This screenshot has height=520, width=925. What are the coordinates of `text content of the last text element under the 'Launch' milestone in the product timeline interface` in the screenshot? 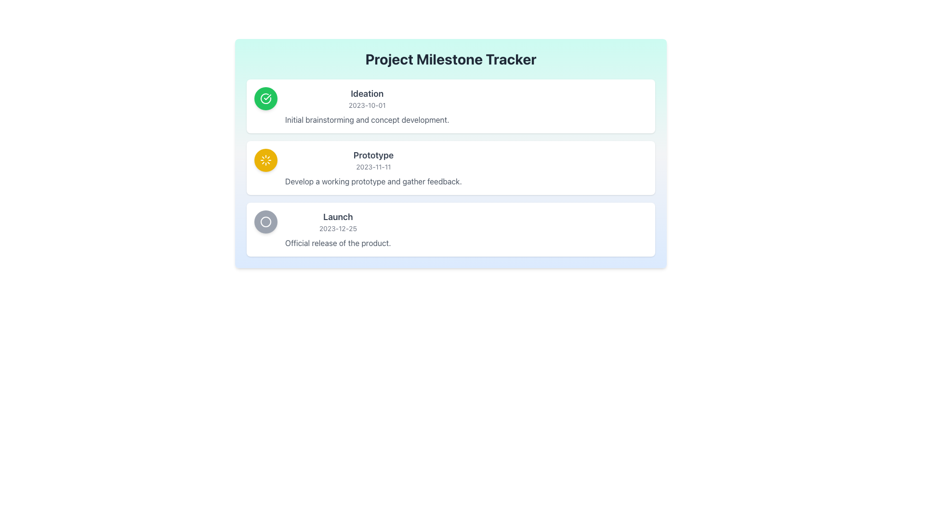 It's located at (338, 243).